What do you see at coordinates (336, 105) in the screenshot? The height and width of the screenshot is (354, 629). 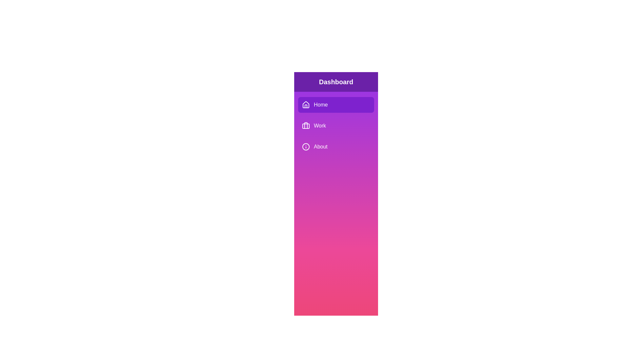 I see `the menu item Home in the sidebar` at bounding box center [336, 105].